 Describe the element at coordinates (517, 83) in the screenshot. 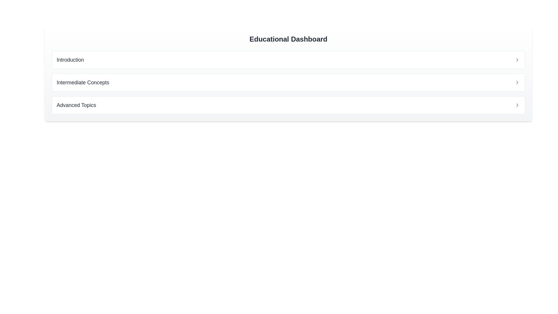

I see `the rightward pointing chevron icon with a gray stroke adjacent to the 'Intermediate Concepts' label to proceed` at that location.